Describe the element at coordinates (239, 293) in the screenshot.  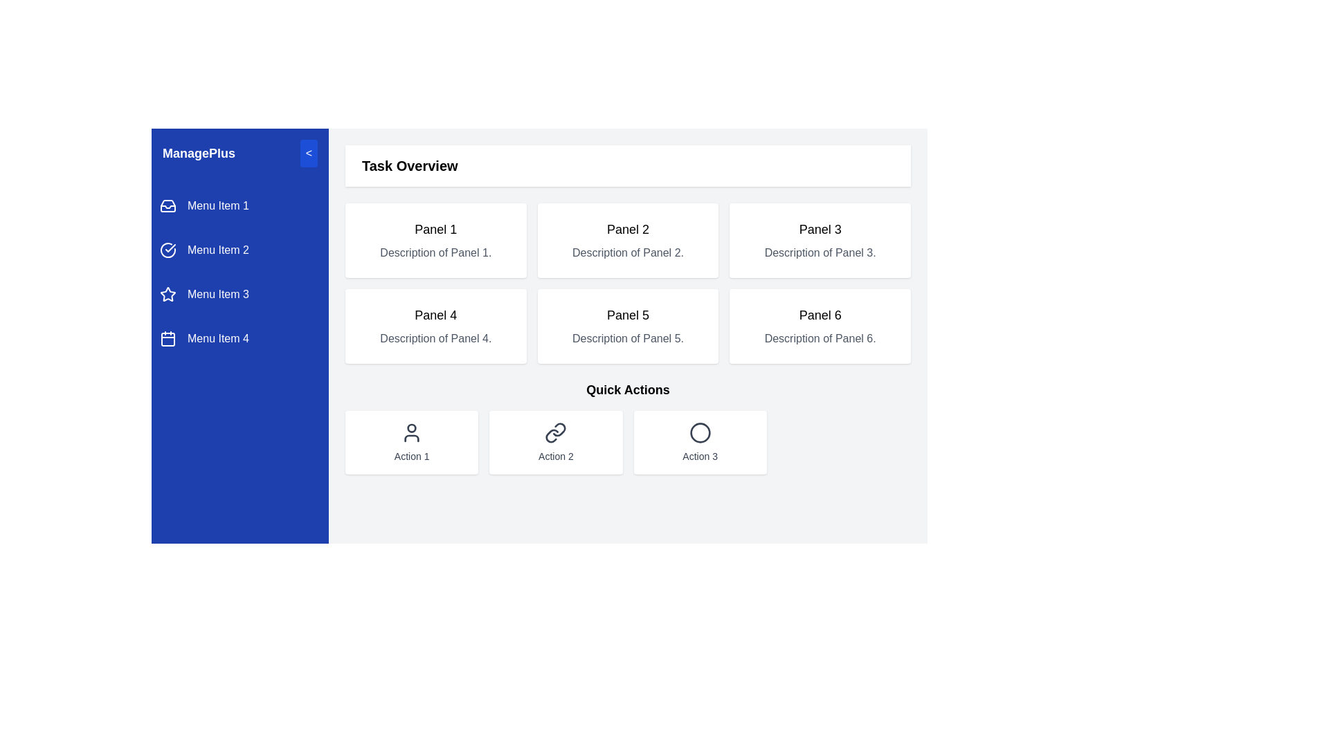
I see `the 'Menu Item 3' in the left sidebar menu` at that location.